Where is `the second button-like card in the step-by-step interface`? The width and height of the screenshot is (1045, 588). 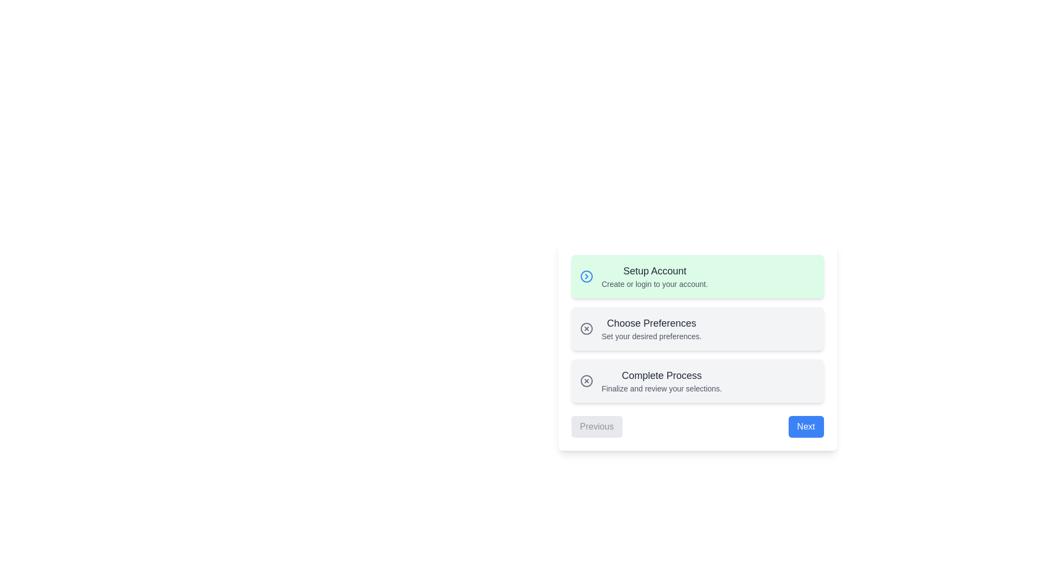 the second button-like card in the step-by-step interface is located at coordinates (697, 328).